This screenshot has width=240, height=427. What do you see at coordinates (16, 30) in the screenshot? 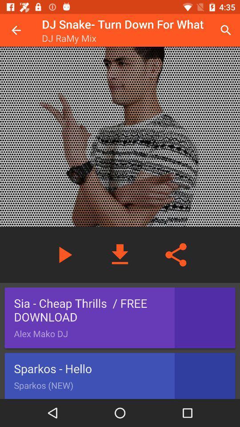
I see `the item to the left of the dj snake turn item` at bounding box center [16, 30].